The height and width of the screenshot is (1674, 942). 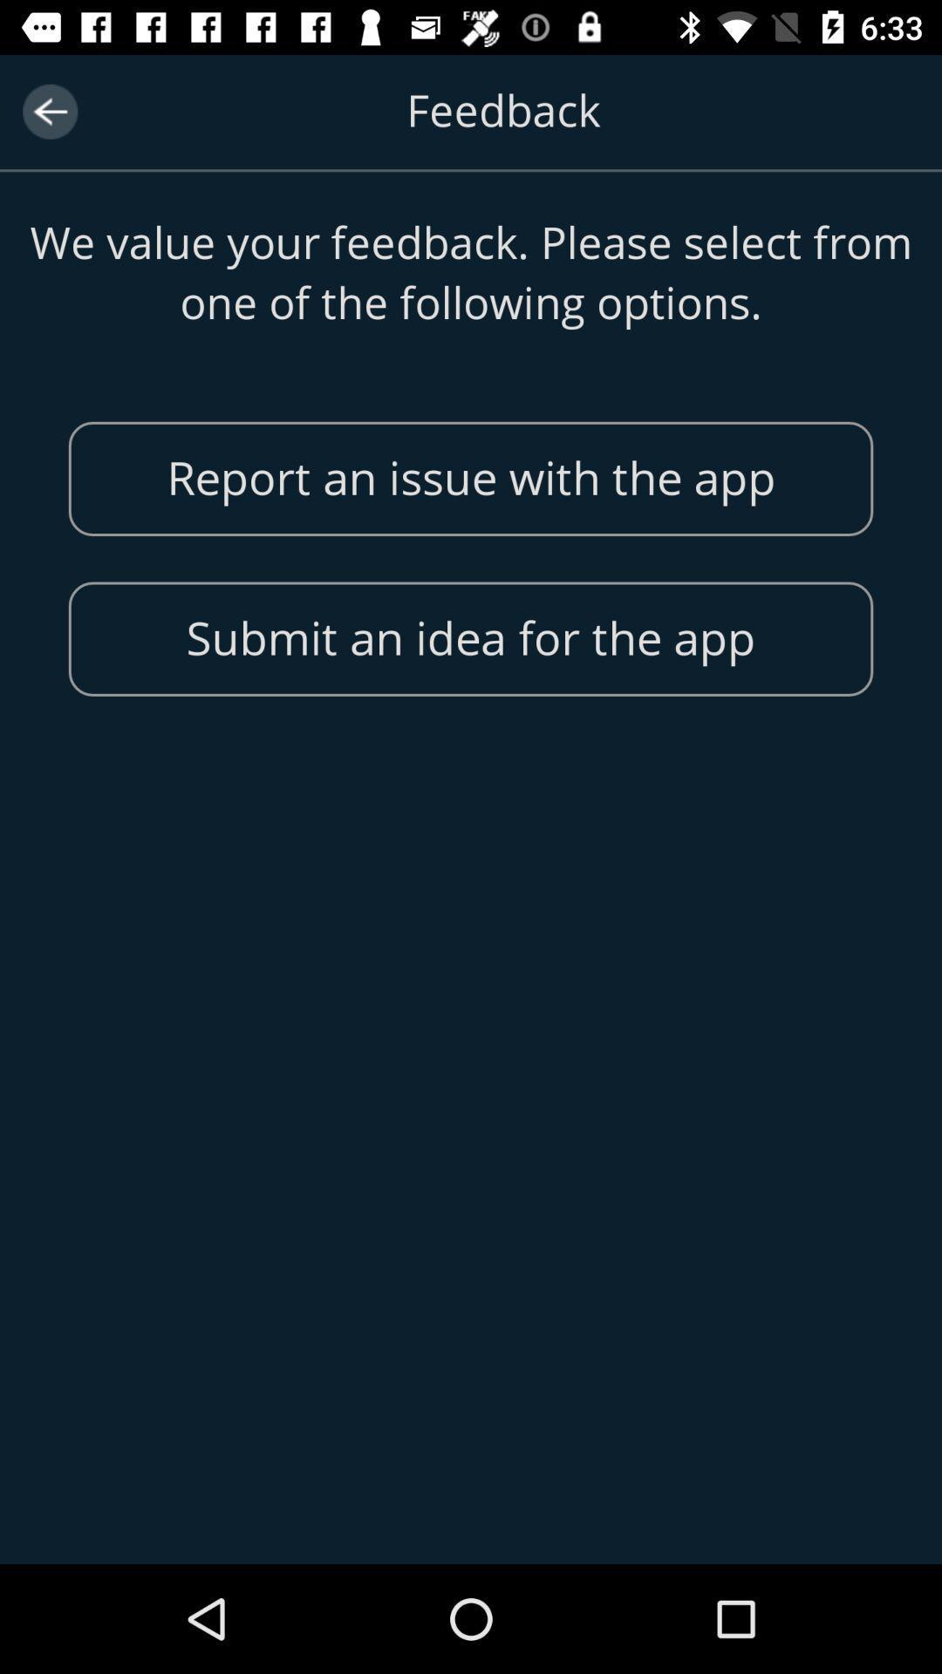 What do you see at coordinates (49, 111) in the screenshot?
I see `the arrow_backward icon` at bounding box center [49, 111].